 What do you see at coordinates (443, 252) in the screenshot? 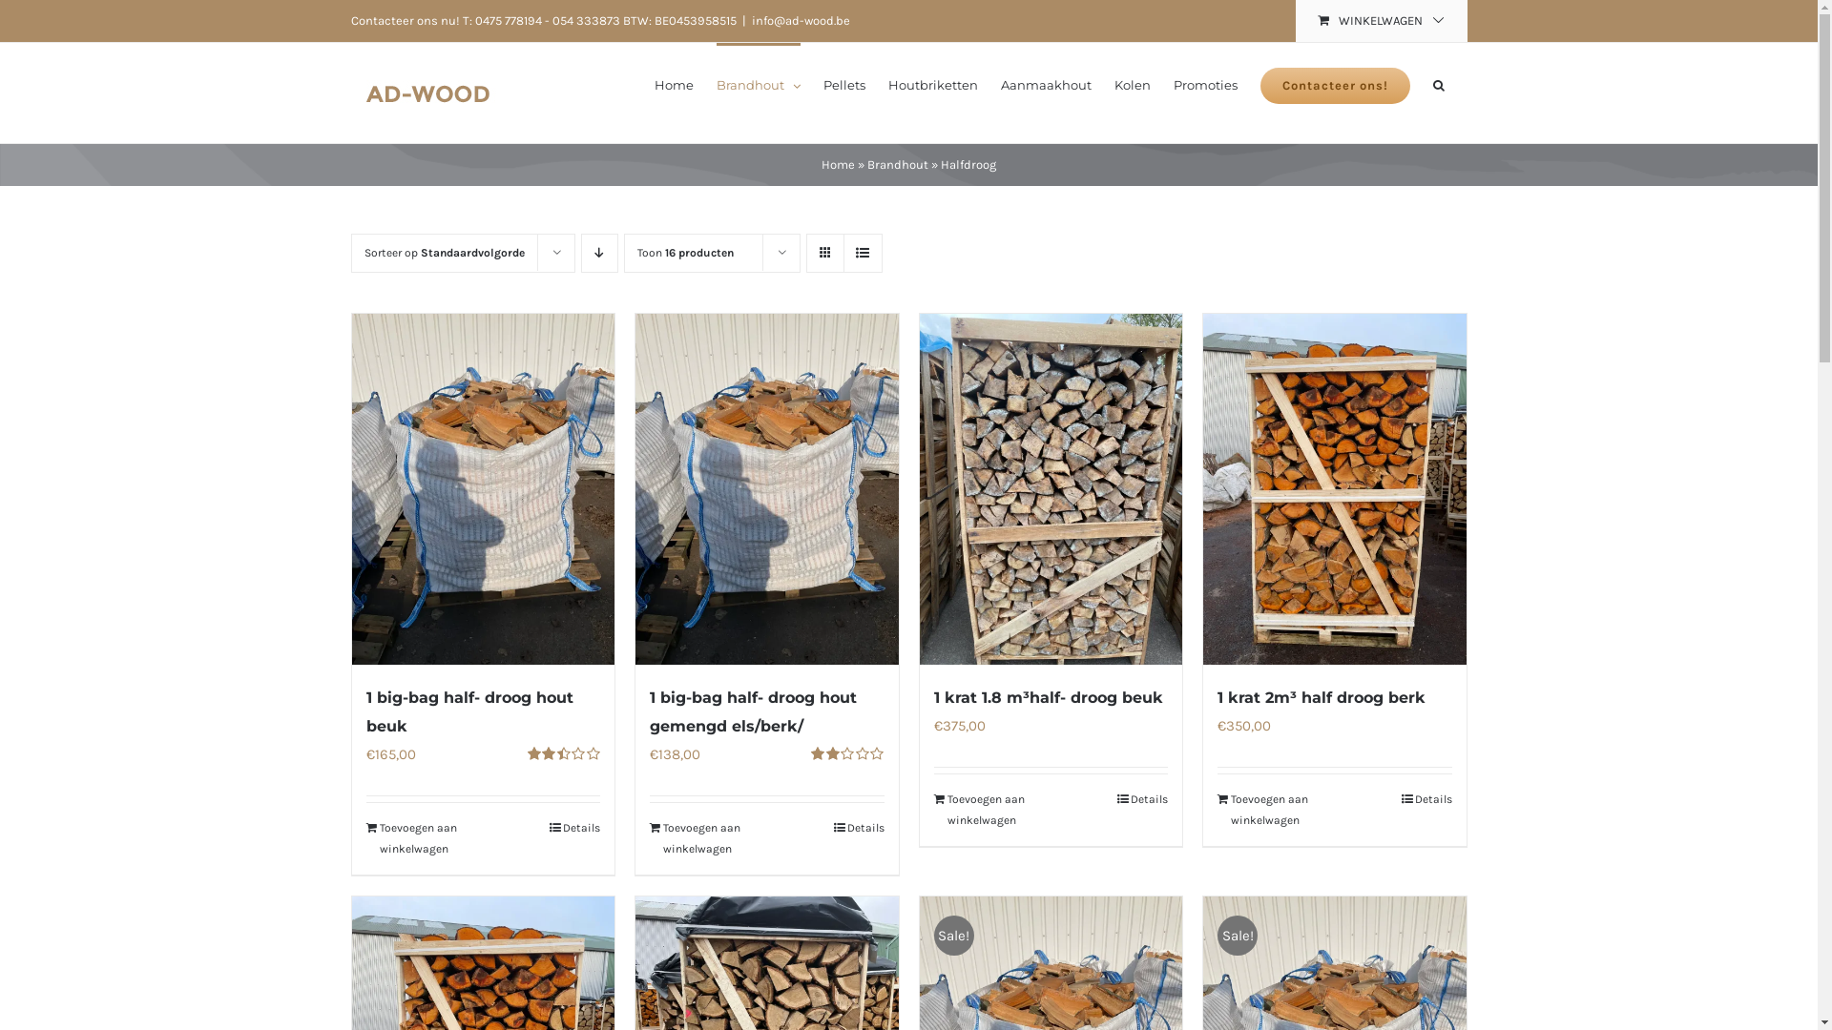
I see `'Sorteer op Standaardvolgorde'` at bounding box center [443, 252].